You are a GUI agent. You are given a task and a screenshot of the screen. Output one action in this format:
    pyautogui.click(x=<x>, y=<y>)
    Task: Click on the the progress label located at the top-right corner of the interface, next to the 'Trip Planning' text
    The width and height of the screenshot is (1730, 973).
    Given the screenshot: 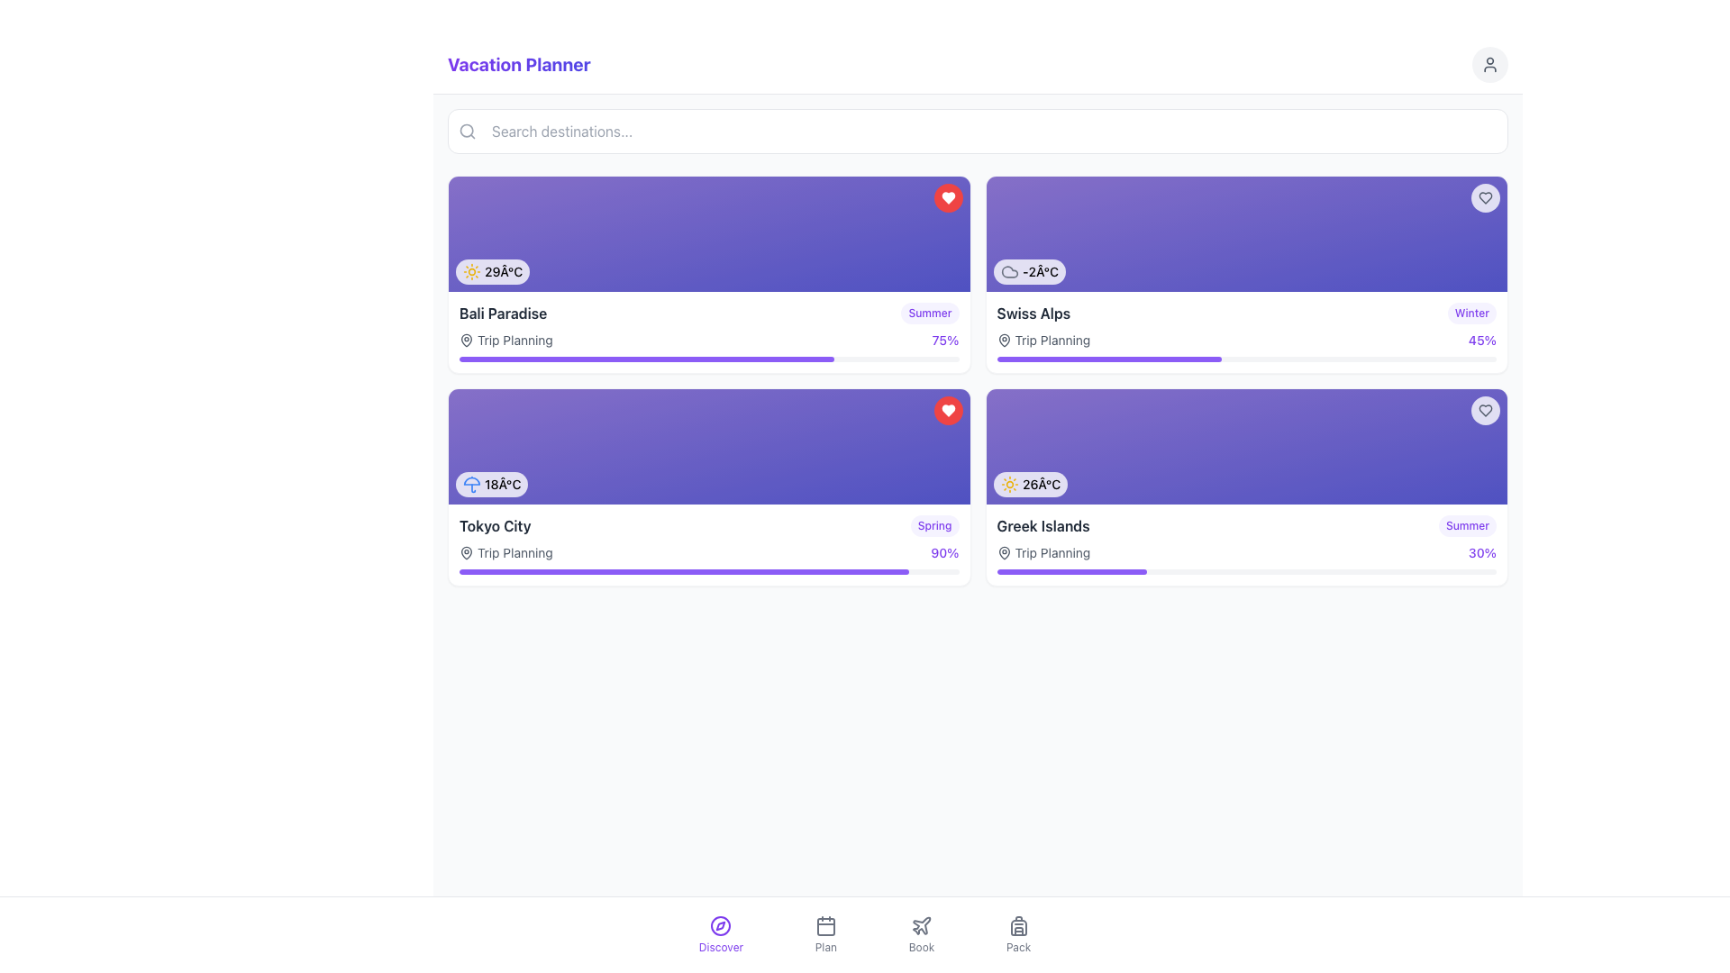 What is the action you would take?
    pyautogui.click(x=944, y=341)
    